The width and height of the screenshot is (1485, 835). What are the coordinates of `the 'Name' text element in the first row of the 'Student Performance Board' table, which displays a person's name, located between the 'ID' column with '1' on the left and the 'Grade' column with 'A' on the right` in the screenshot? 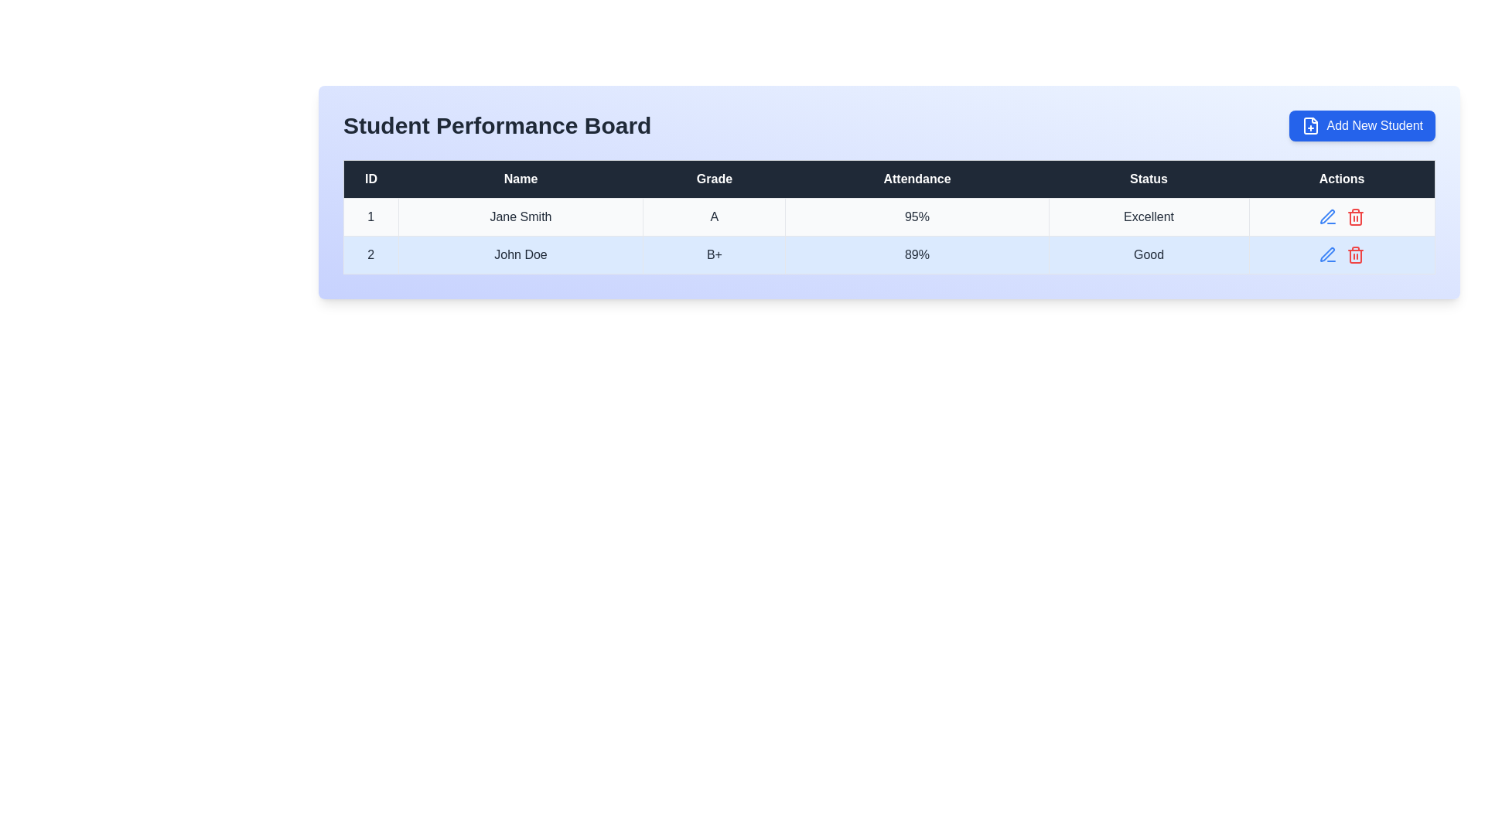 It's located at (521, 217).